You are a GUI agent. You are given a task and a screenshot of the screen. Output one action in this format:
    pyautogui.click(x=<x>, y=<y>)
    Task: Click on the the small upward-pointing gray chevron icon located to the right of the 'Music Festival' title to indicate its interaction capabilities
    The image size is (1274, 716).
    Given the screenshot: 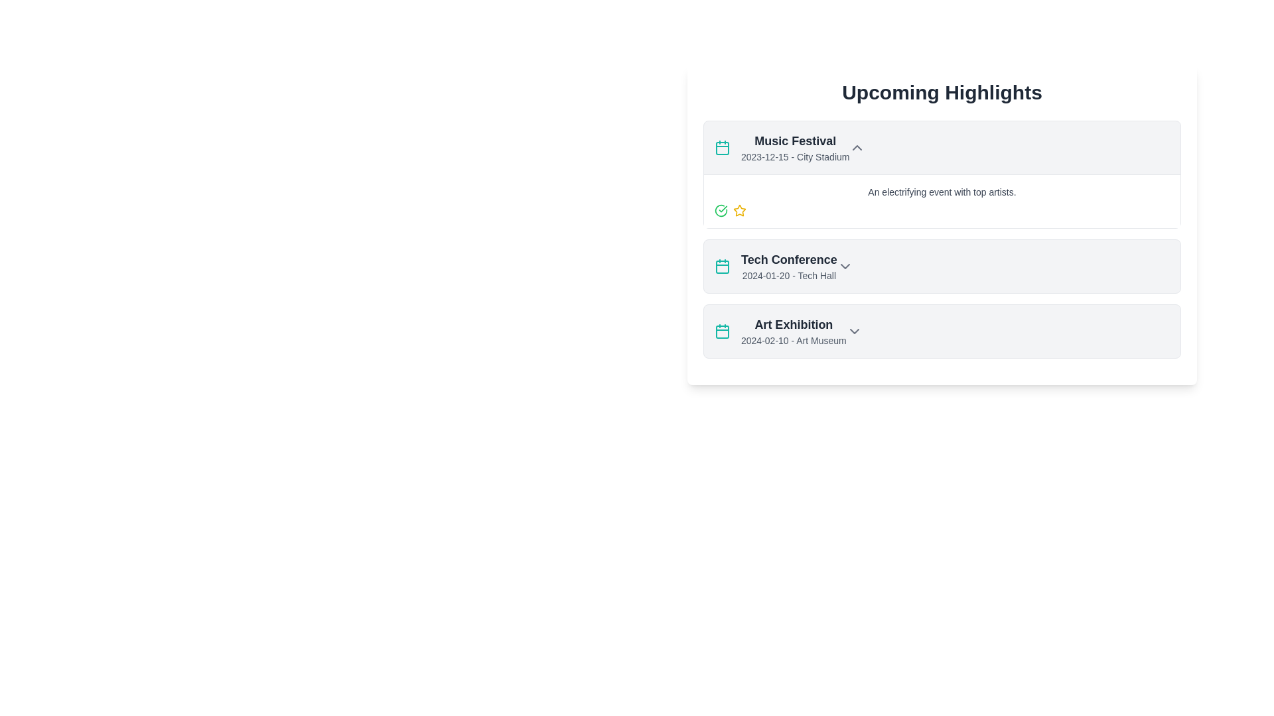 What is the action you would take?
    pyautogui.click(x=857, y=148)
    